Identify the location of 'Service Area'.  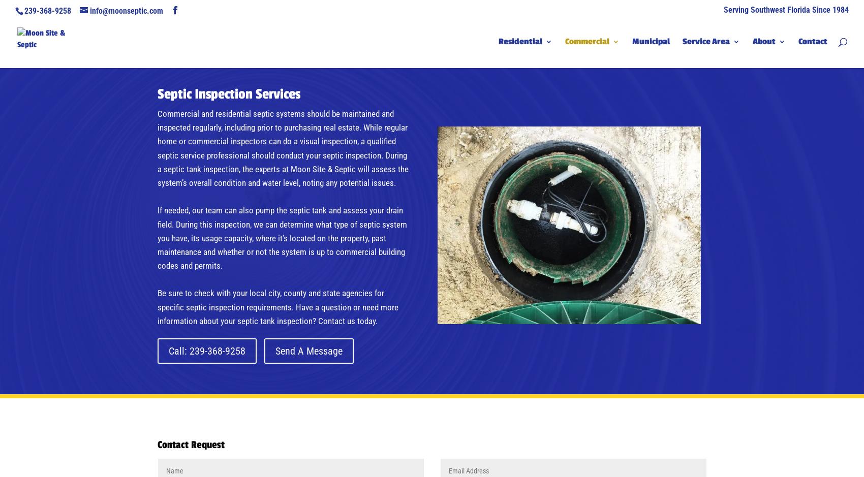
(705, 41).